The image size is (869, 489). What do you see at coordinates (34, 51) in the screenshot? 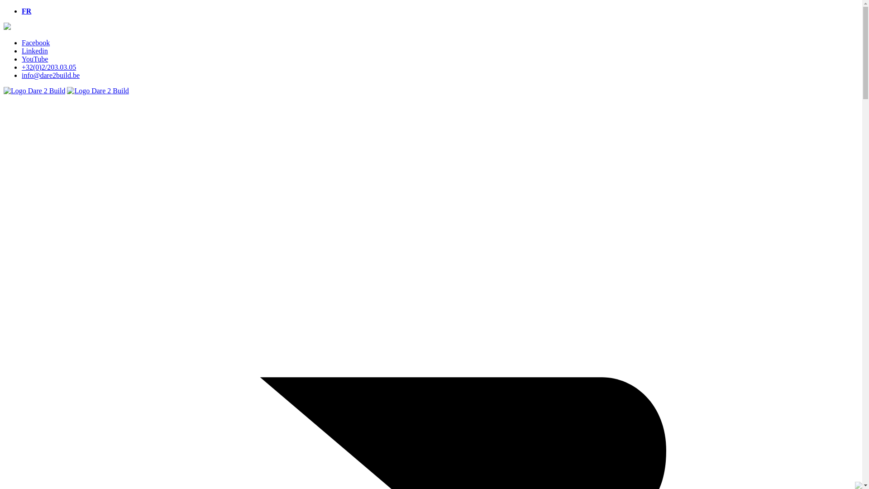
I see `'Linkedin'` at bounding box center [34, 51].